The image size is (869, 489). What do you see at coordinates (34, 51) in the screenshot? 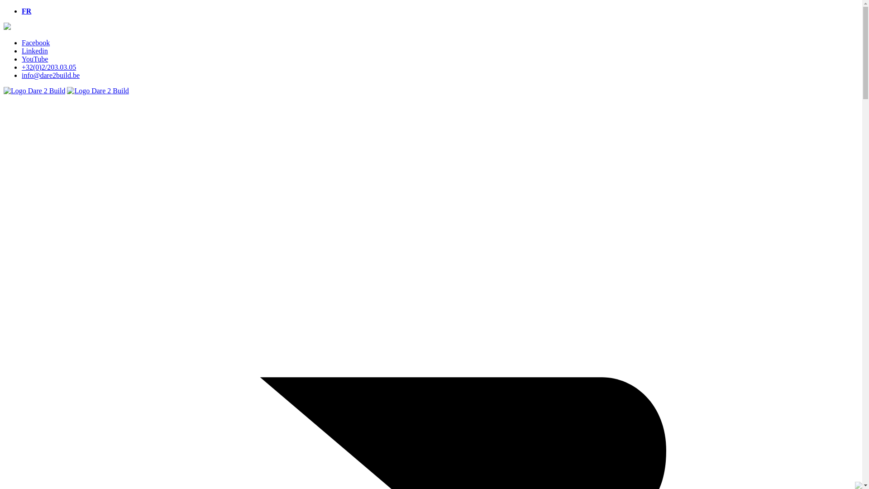
I see `'Linkedin'` at bounding box center [34, 51].